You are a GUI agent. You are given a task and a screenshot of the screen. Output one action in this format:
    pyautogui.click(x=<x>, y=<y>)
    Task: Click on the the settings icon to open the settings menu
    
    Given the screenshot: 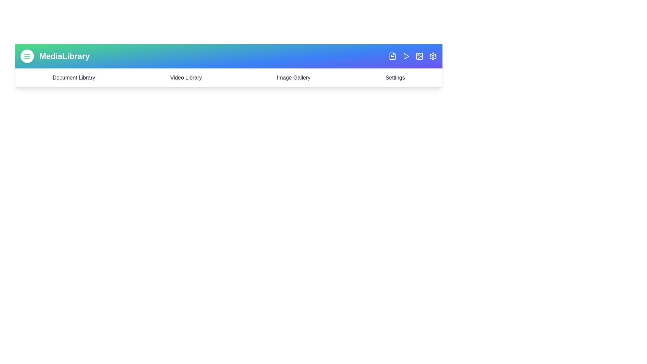 What is the action you would take?
    pyautogui.click(x=433, y=56)
    